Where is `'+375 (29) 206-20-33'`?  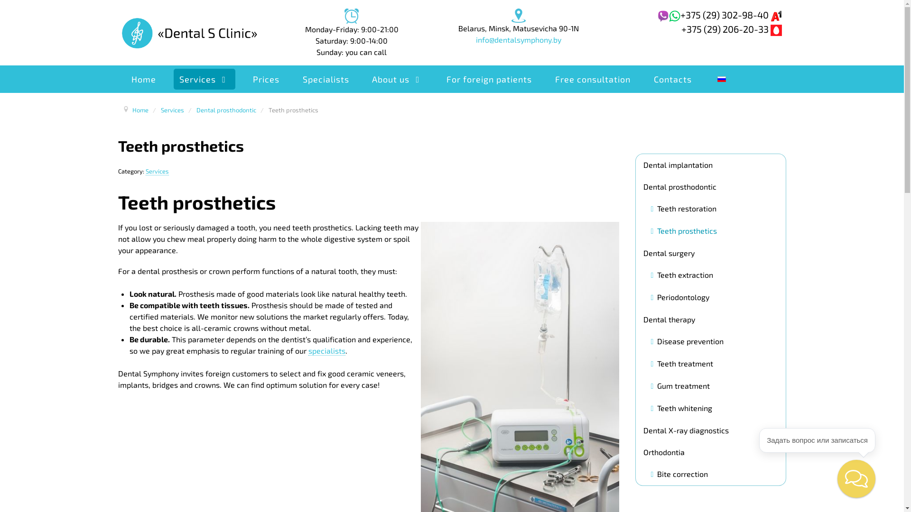
'+375 (29) 206-20-33' is located at coordinates (680, 28).